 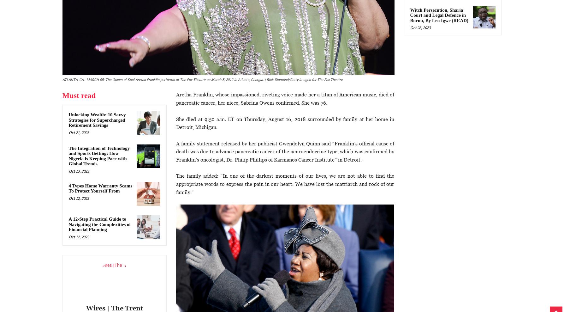 I want to click on 'The family added: “In one of the darkest moments of our lives, we are not able to find the appropriate words to express the pain in our heart. We have lost the matriarch and rock of our family.”', so click(x=176, y=184).